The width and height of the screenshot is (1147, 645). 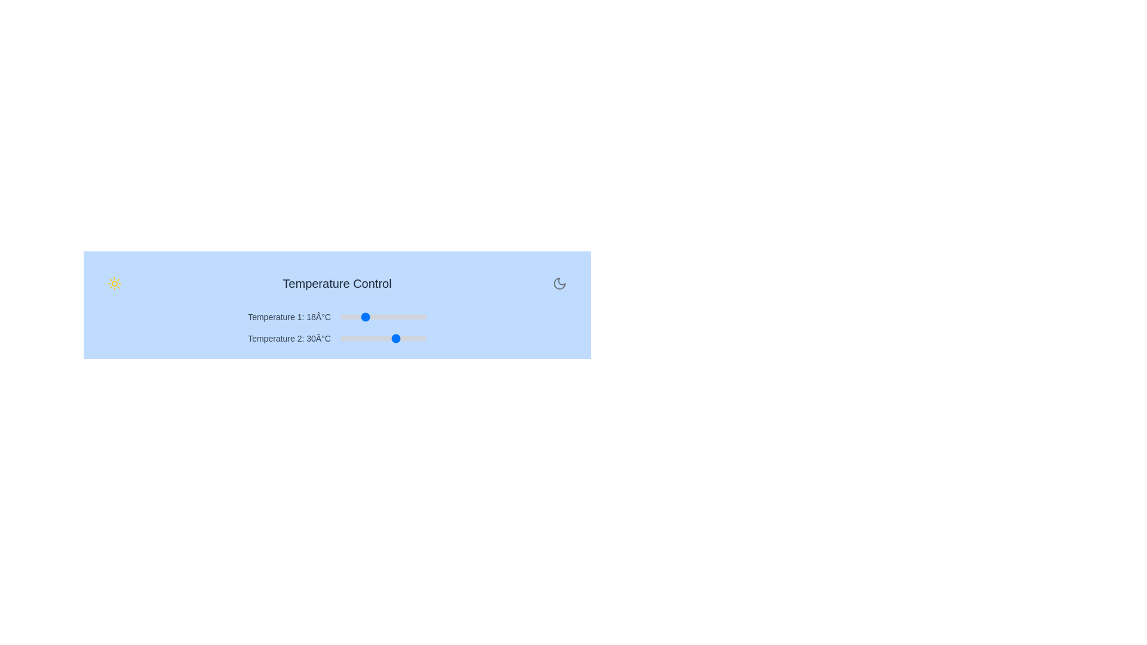 What do you see at coordinates (336, 317) in the screenshot?
I see `the slider for 'Temperature 1: 18°C' to set a value` at bounding box center [336, 317].